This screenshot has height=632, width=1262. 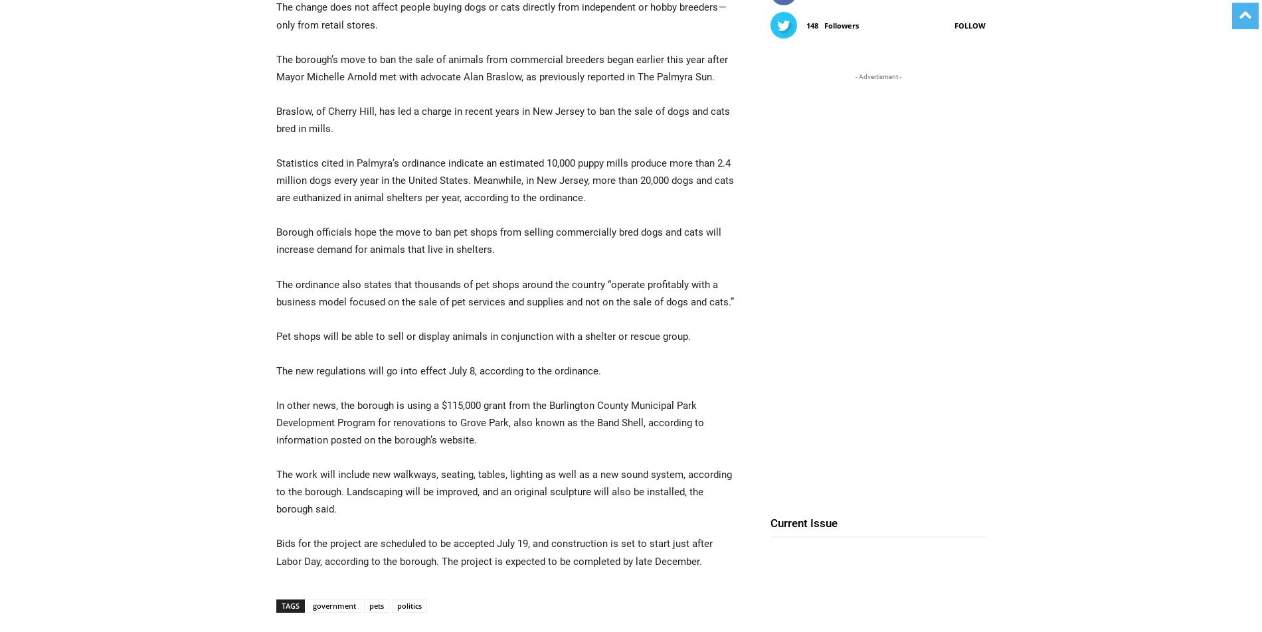 What do you see at coordinates (369, 605) in the screenshot?
I see `'pets'` at bounding box center [369, 605].